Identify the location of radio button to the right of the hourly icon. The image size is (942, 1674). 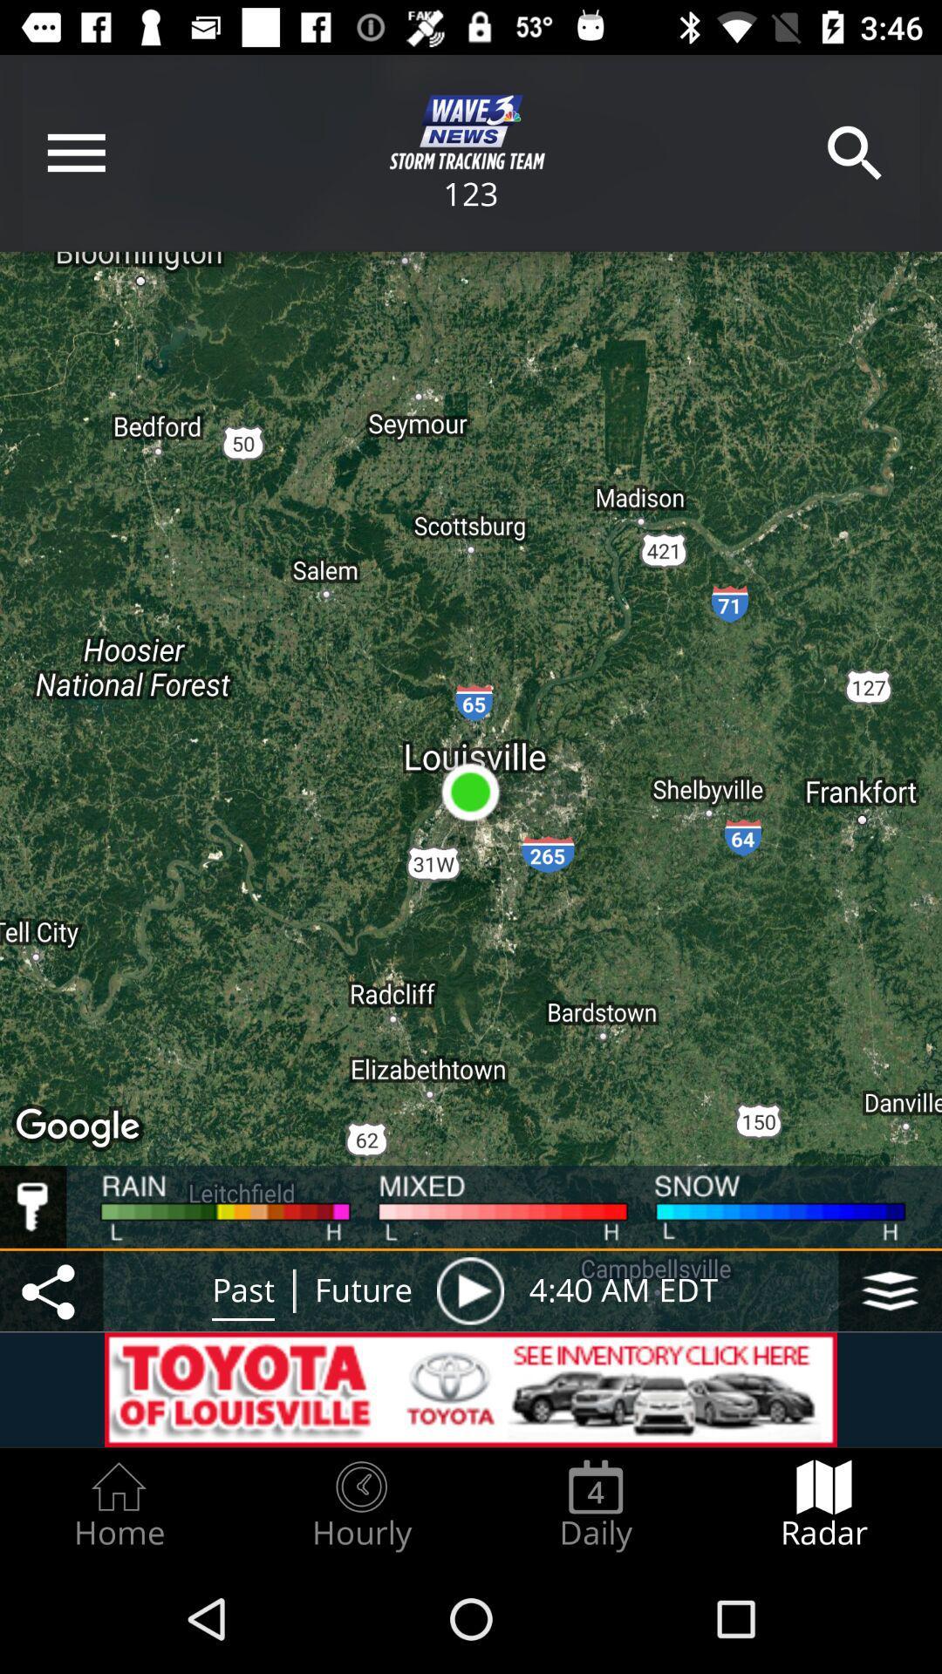
(595, 1505).